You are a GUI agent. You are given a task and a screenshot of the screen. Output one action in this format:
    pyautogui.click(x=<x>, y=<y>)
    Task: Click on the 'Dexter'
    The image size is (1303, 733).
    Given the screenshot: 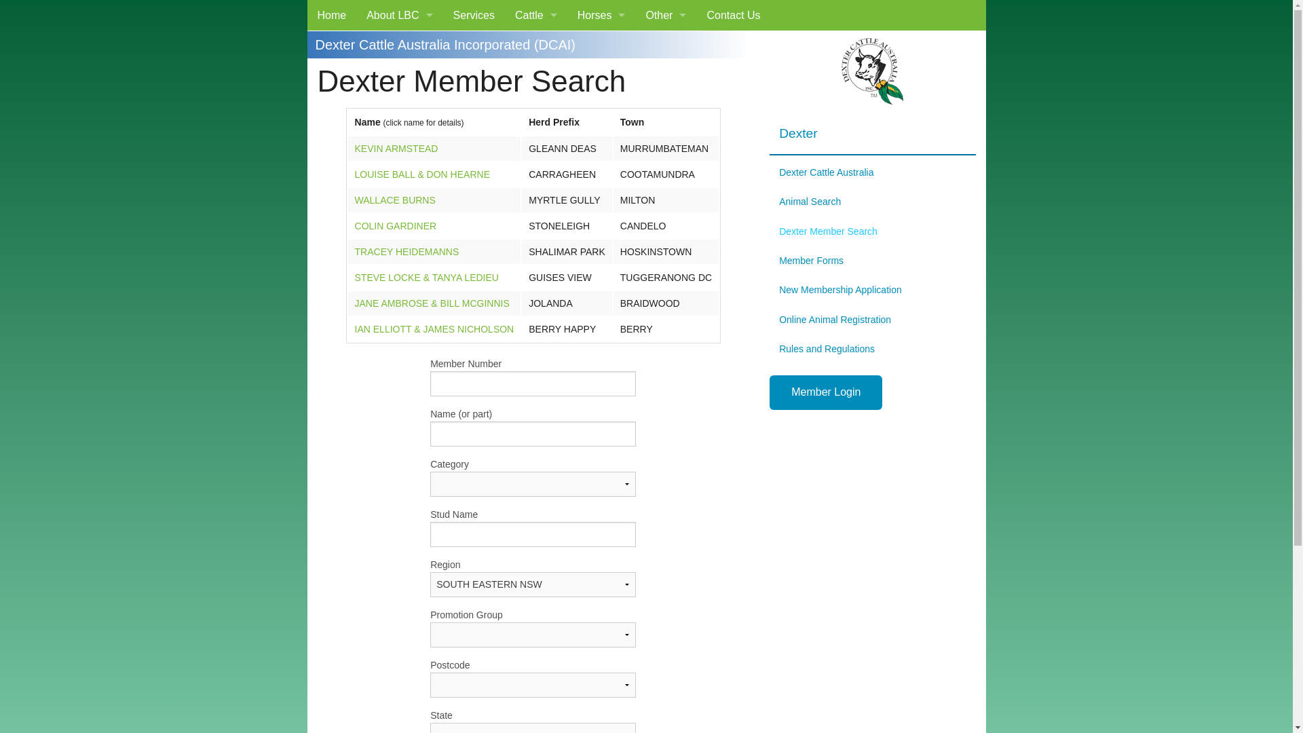 What is the action you would take?
    pyautogui.click(x=872, y=134)
    